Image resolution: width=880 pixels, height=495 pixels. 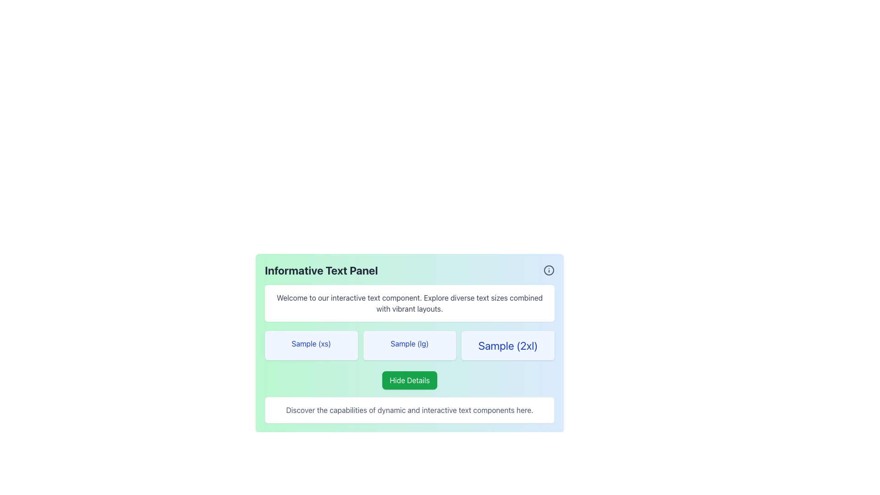 I want to click on the Text Display Component that showcases a larger font size text label, located centrally between the 'Sample (xs)' button and the 'Sample (2xl)' button, so click(x=409, y=345).